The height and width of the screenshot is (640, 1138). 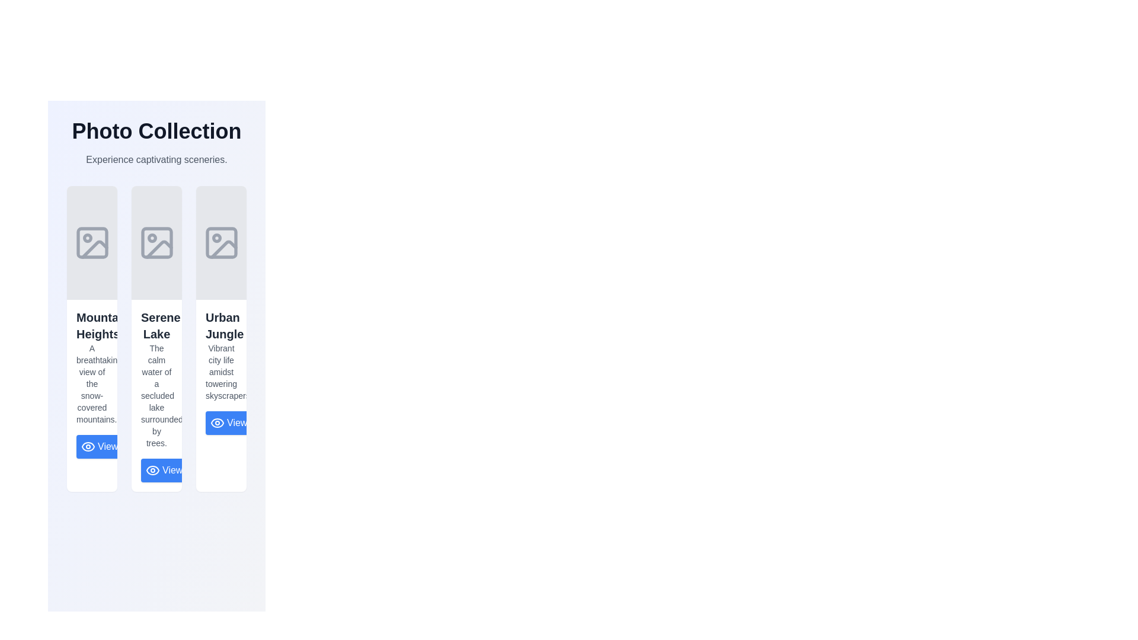 What do you see at coordinates (151, 238) in the screenshot?
I see `Decorative Icon located in the center of the image placeholder on the 'Serene Lake' card, which is the middle card in a row of three` at bounding box center [151, 238].